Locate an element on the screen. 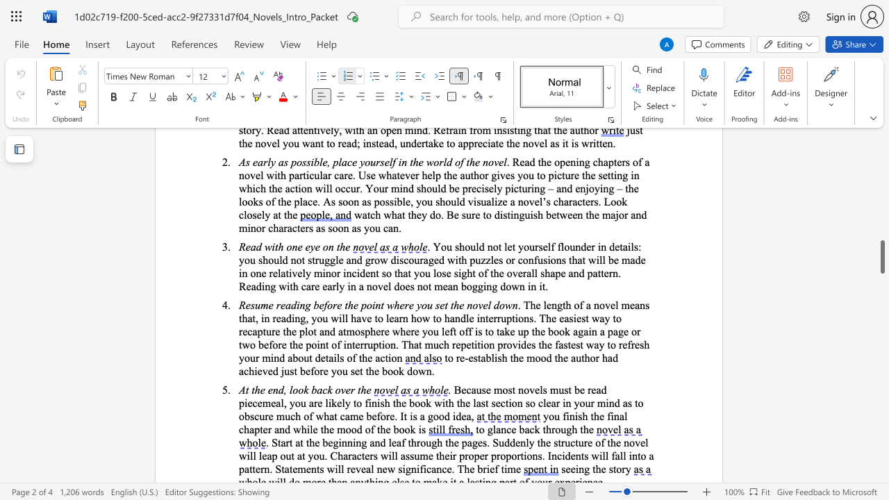  the 6th character "h" in the text is located at coordinates (251, 370).